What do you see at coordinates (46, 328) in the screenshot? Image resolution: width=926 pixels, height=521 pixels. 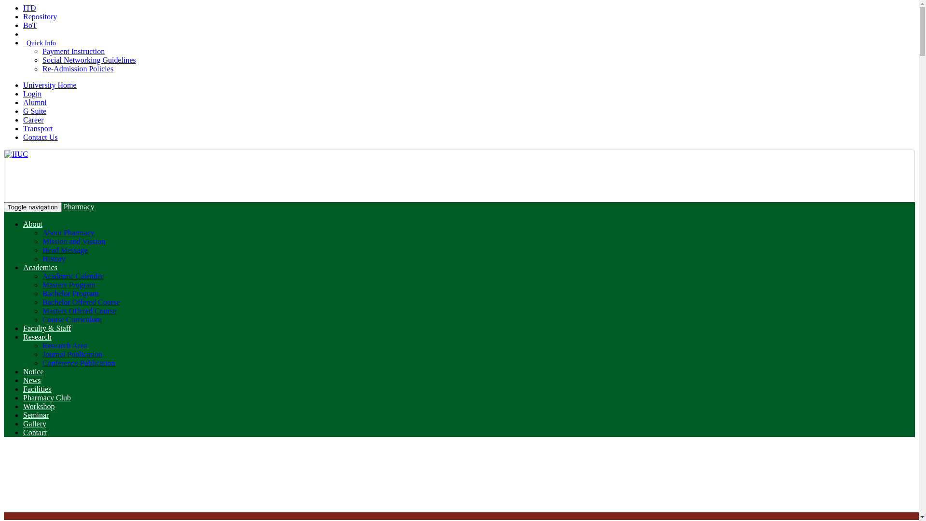 I see `'Faculty & Staff'` at bounding box center [46, 328].